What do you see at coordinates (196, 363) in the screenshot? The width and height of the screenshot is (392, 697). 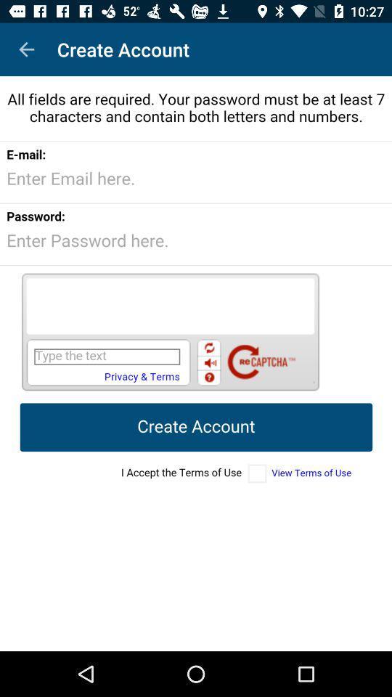 I see `our account` at bounding box center [196, 363].